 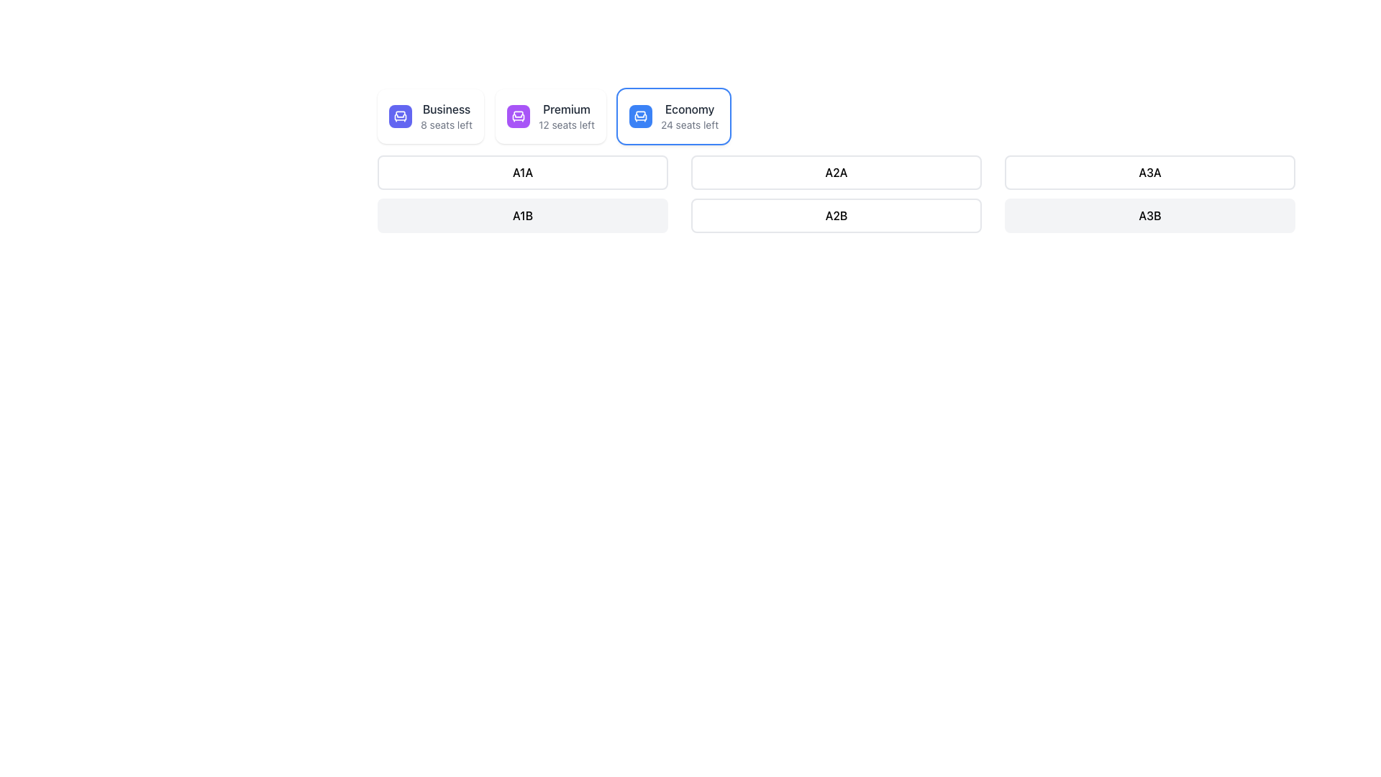 I want to click on the text label 'A1A', so click(x=521, y=171).